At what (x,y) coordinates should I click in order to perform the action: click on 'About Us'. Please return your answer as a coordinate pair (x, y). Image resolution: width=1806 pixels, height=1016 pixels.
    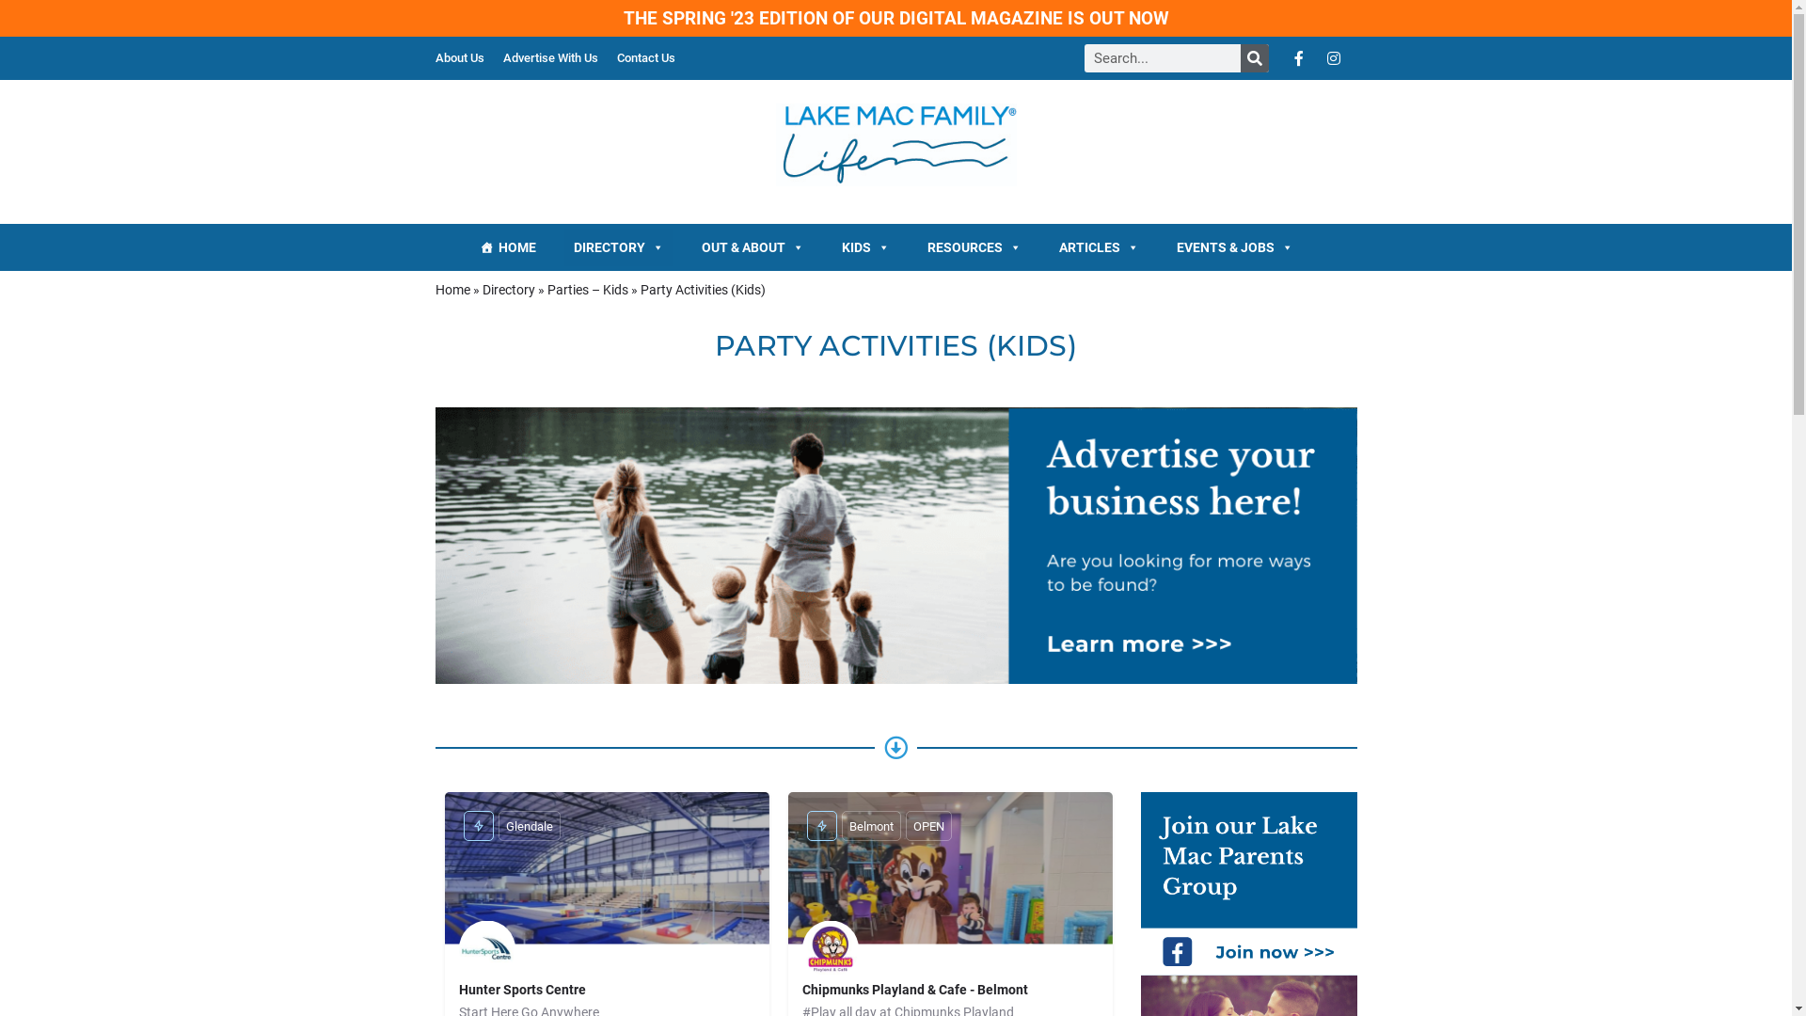
    Looking at the image, I should click on (459, 56).